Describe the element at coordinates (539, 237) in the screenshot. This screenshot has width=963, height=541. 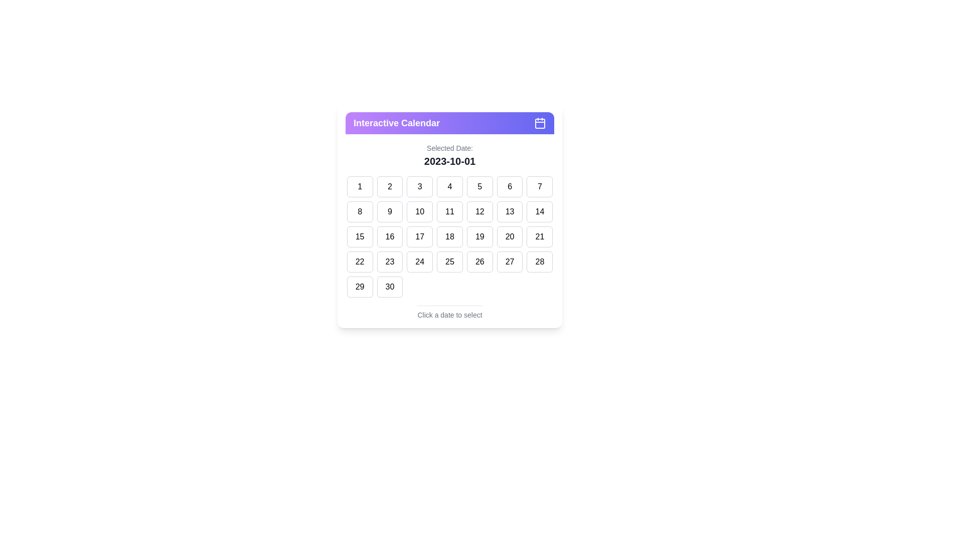
I see `the small white rectangular button with rounded corners and bold text '21'` at that location.